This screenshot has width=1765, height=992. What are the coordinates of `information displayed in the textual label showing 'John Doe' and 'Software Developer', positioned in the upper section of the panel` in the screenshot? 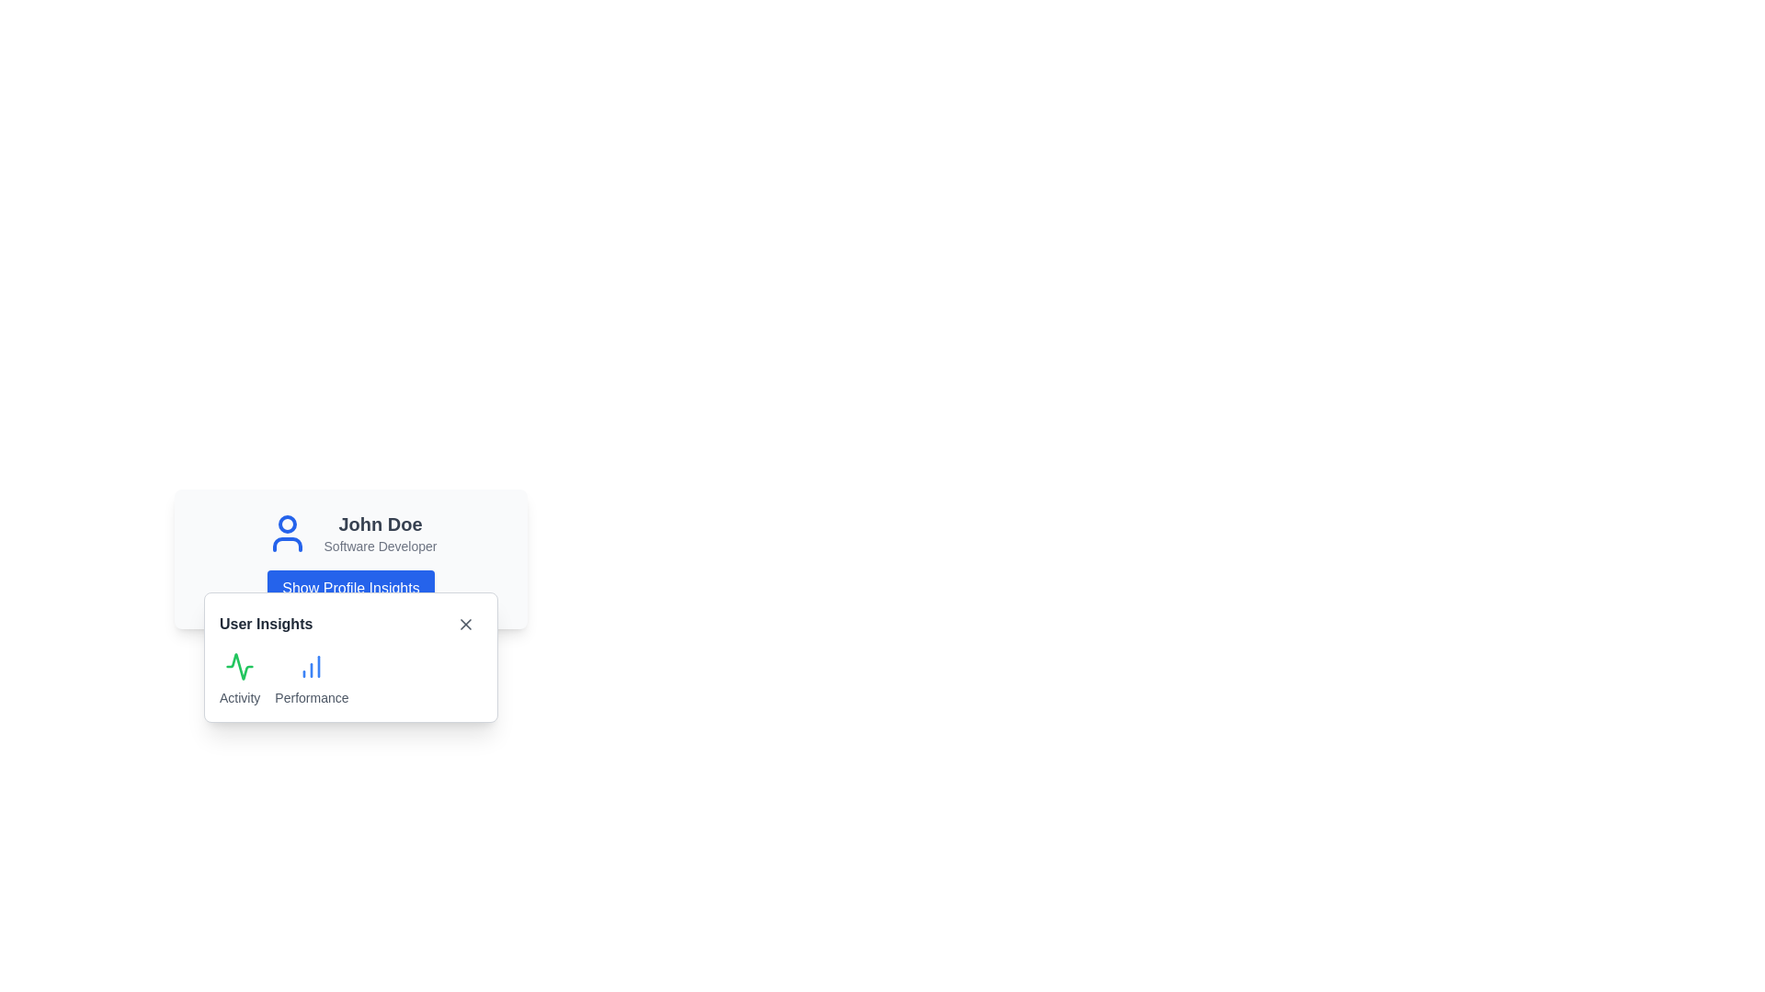 It's located at (379, 534).